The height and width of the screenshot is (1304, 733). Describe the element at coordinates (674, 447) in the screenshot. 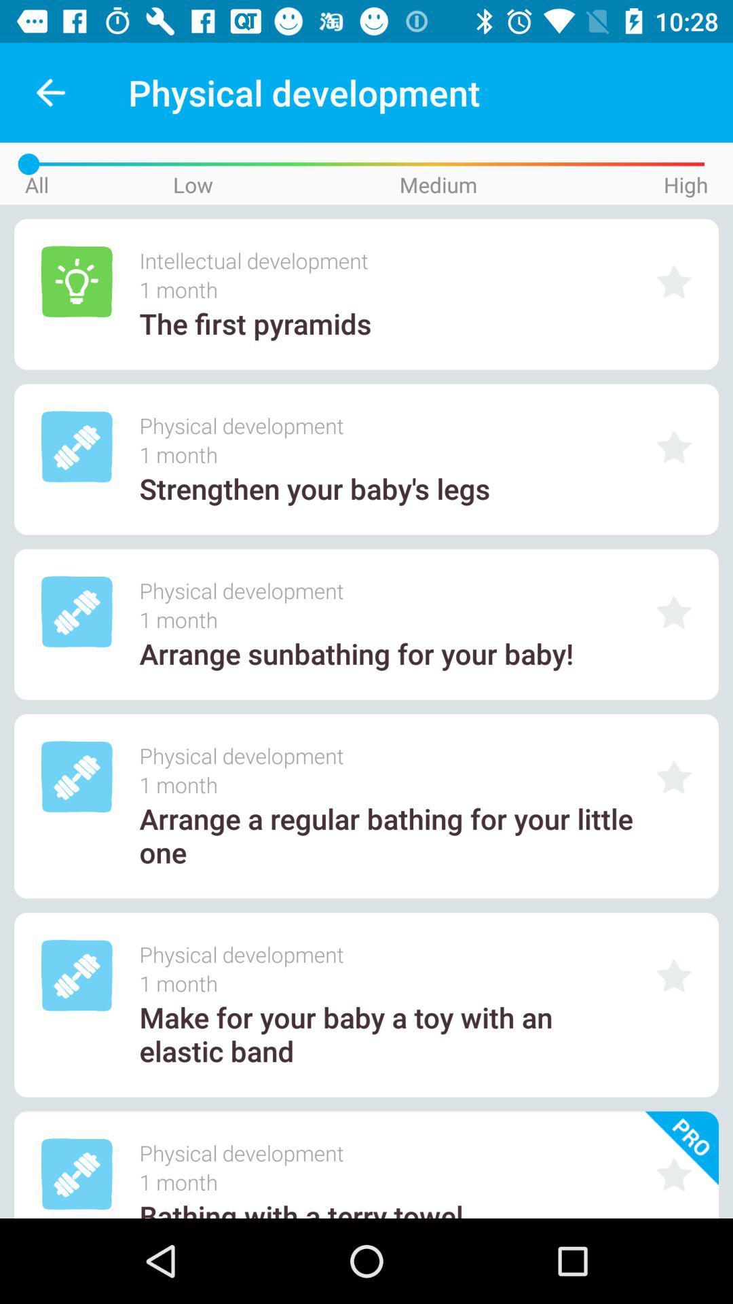

I see `starred` at that location.